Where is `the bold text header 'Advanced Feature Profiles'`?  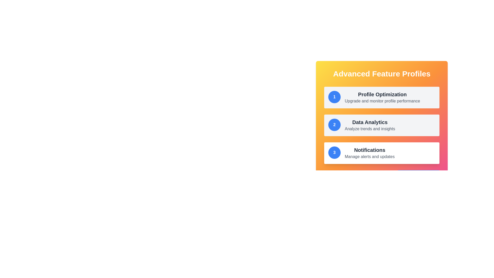
the bold text header 'Advanced Feature Profiles' is located at coordinates (382, 74).